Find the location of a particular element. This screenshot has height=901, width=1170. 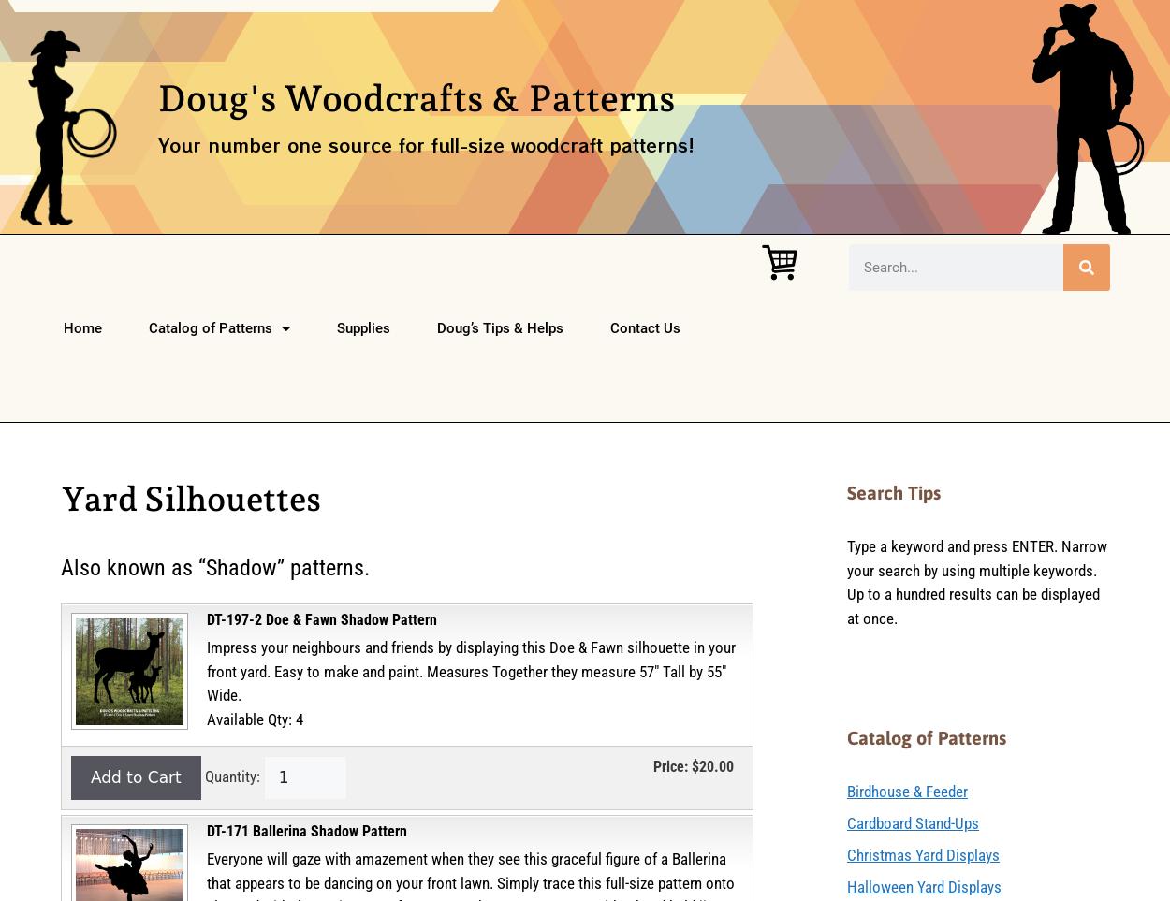

'Supplies' is located at coordinates (335, 327).